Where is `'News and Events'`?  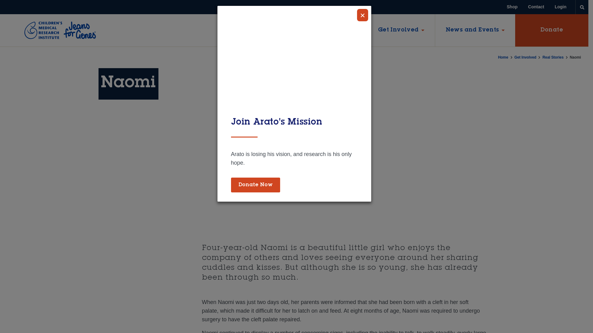 'News and Events' is located at coordinates (435, 30).